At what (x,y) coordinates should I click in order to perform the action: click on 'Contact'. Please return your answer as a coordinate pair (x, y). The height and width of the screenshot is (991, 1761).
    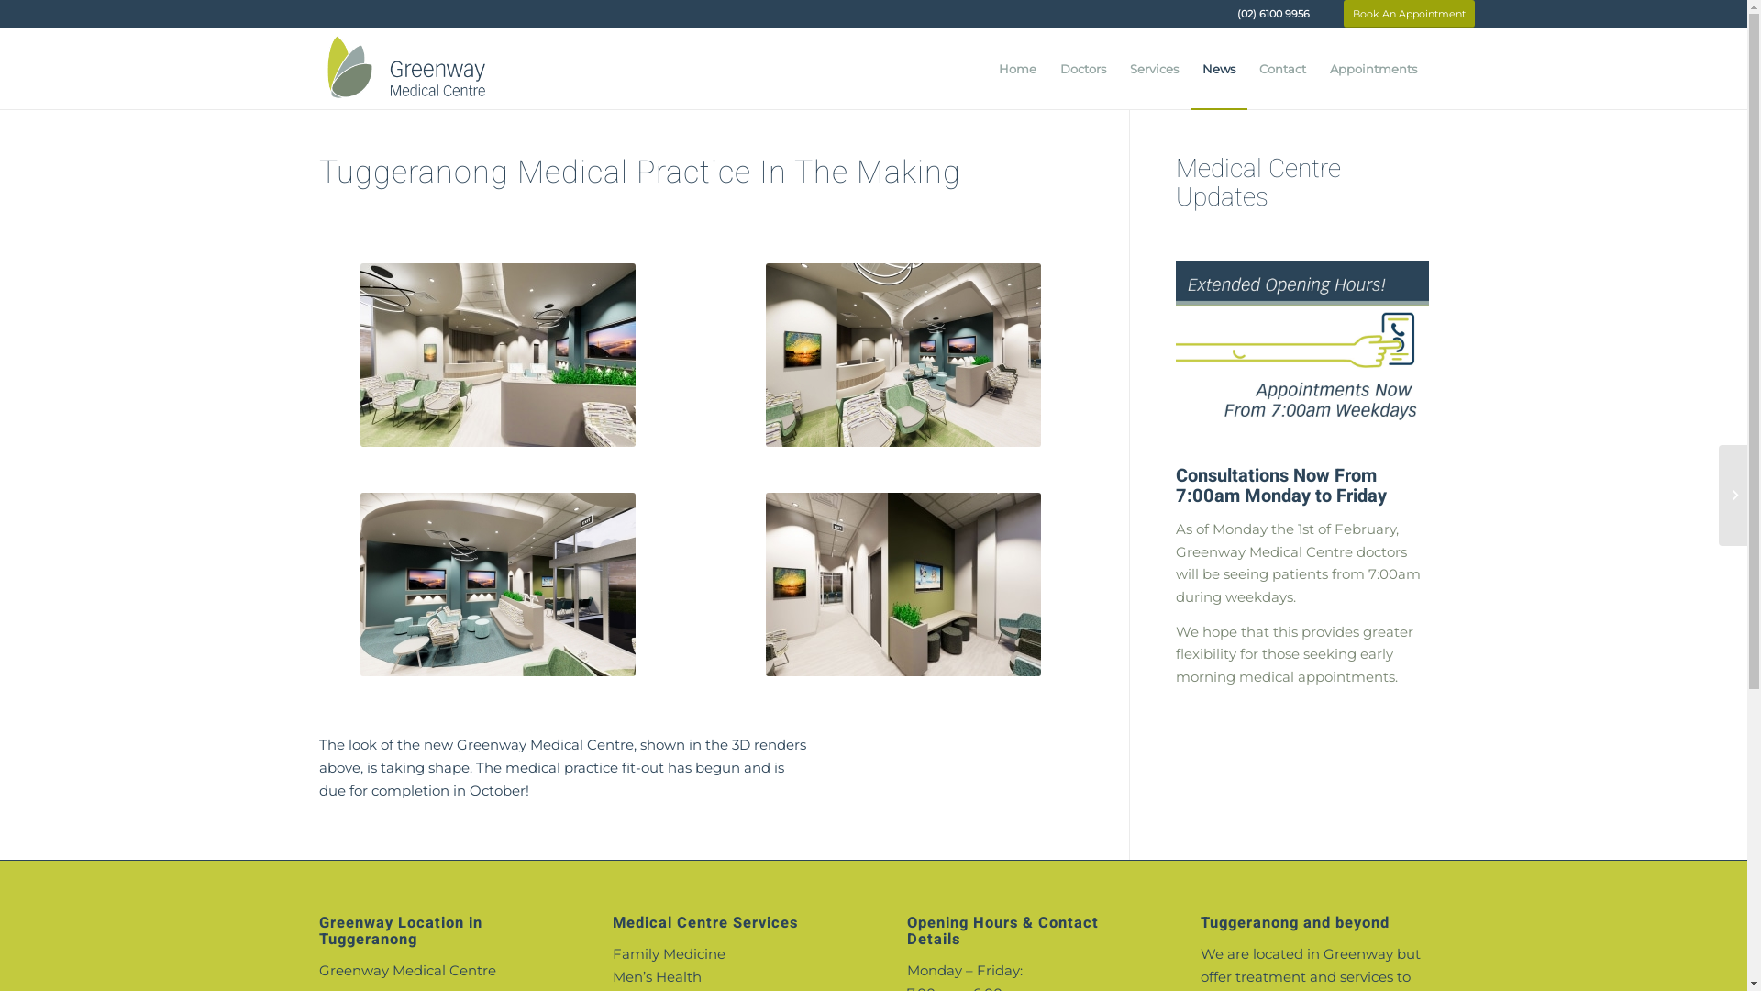
    Looking at the image, I should click on (1281, 67).